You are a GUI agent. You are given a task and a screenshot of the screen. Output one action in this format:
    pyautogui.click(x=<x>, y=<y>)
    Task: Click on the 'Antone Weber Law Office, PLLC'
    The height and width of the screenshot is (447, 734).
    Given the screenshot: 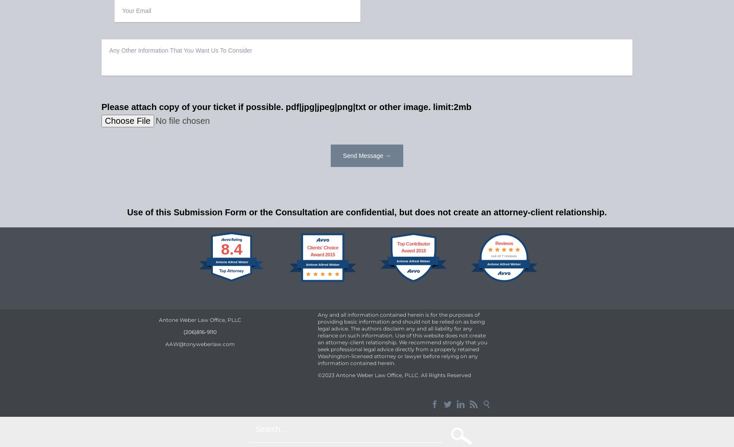 What is the action you would take?
    pyautogui.click(x=199, y=320)
    